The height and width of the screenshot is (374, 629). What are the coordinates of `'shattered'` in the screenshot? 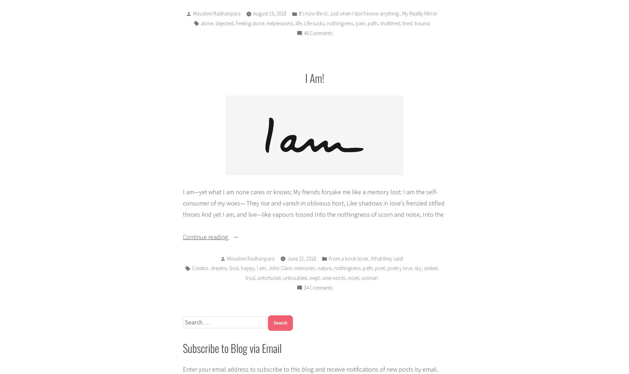 It's located at (389, 23).